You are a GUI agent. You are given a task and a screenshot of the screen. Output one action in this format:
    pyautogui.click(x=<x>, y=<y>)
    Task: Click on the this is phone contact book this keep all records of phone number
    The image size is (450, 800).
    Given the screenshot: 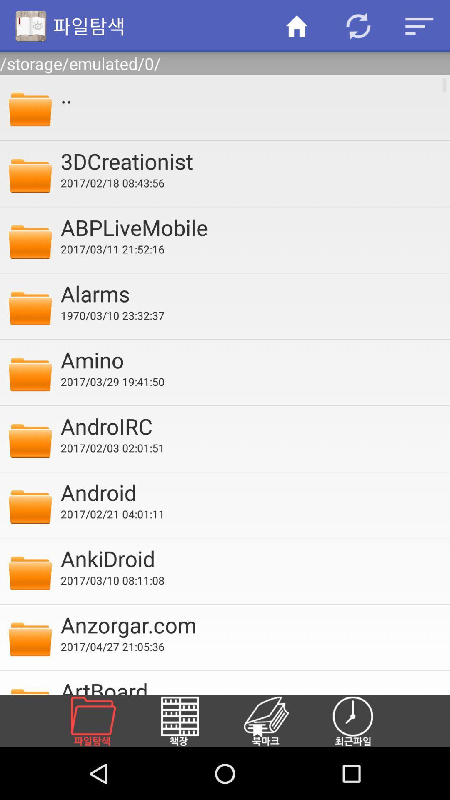 What is the action you would take?
    pyautogui.click(x=276, y=721)
    